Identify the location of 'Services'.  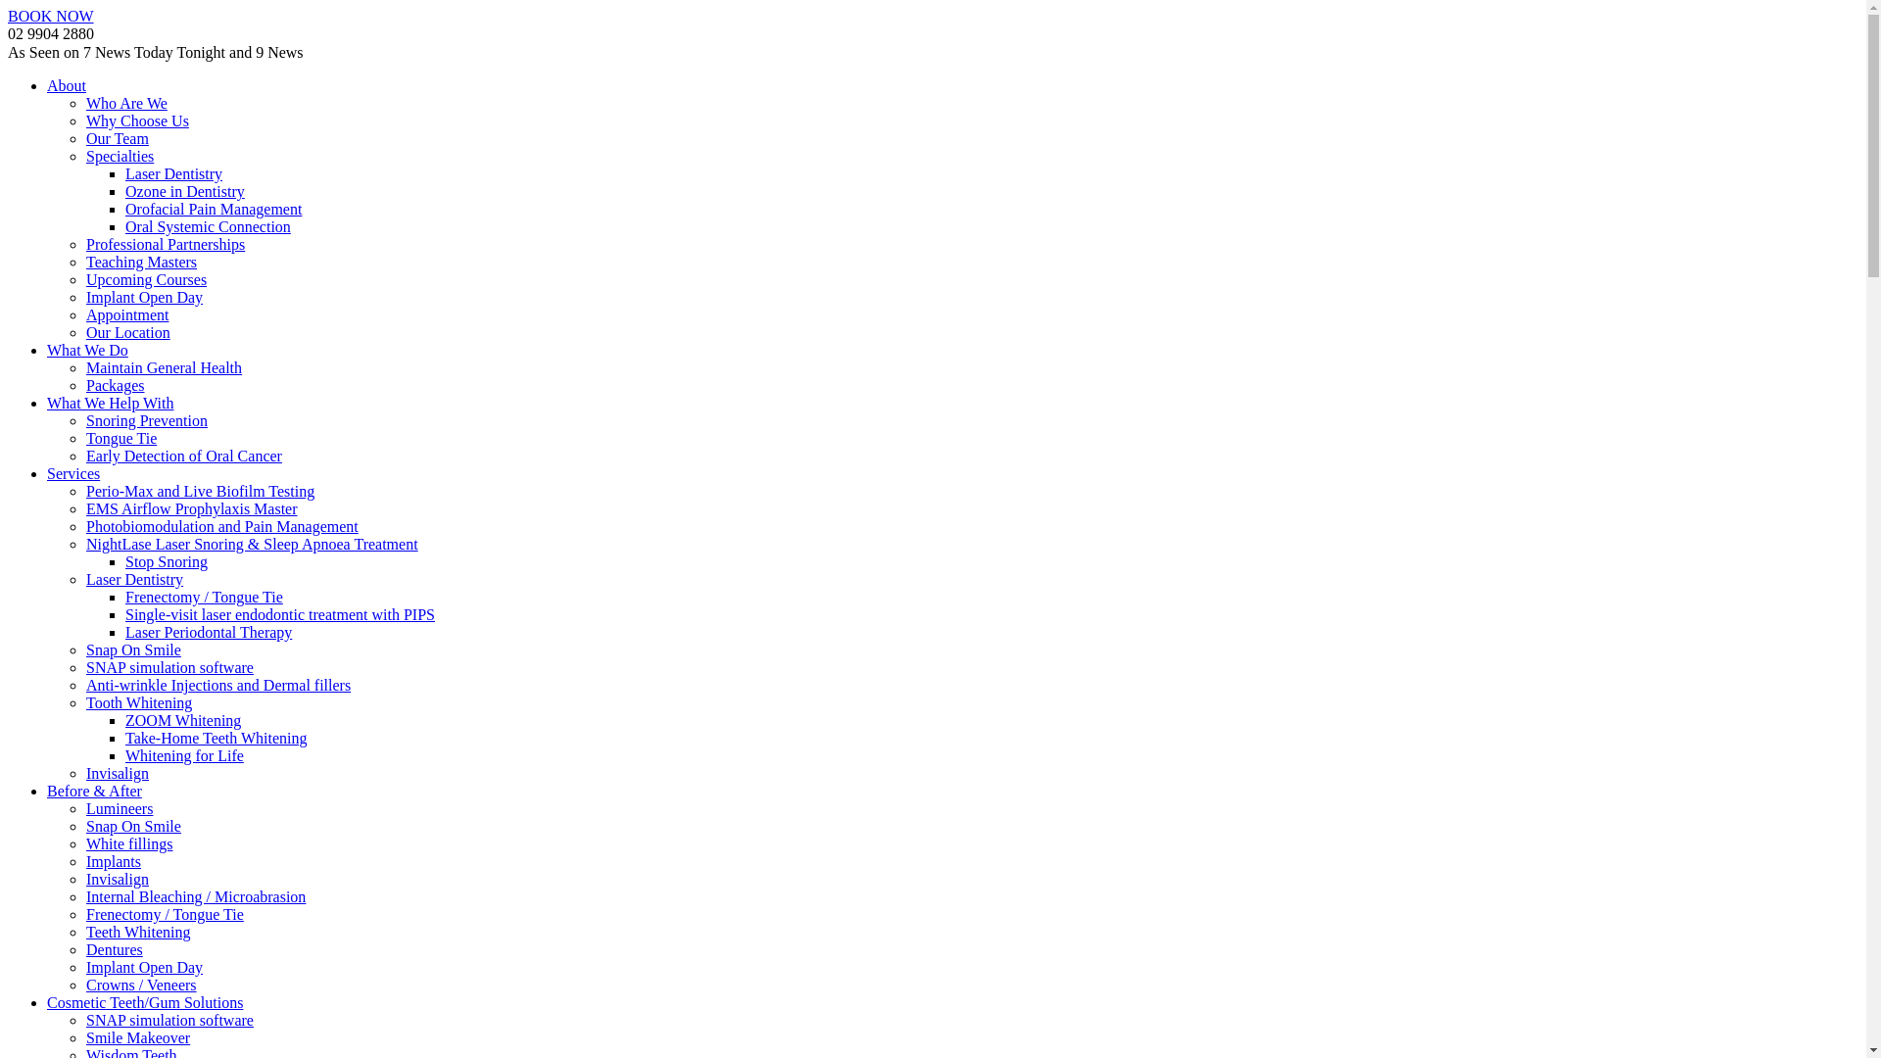
(73, 473).